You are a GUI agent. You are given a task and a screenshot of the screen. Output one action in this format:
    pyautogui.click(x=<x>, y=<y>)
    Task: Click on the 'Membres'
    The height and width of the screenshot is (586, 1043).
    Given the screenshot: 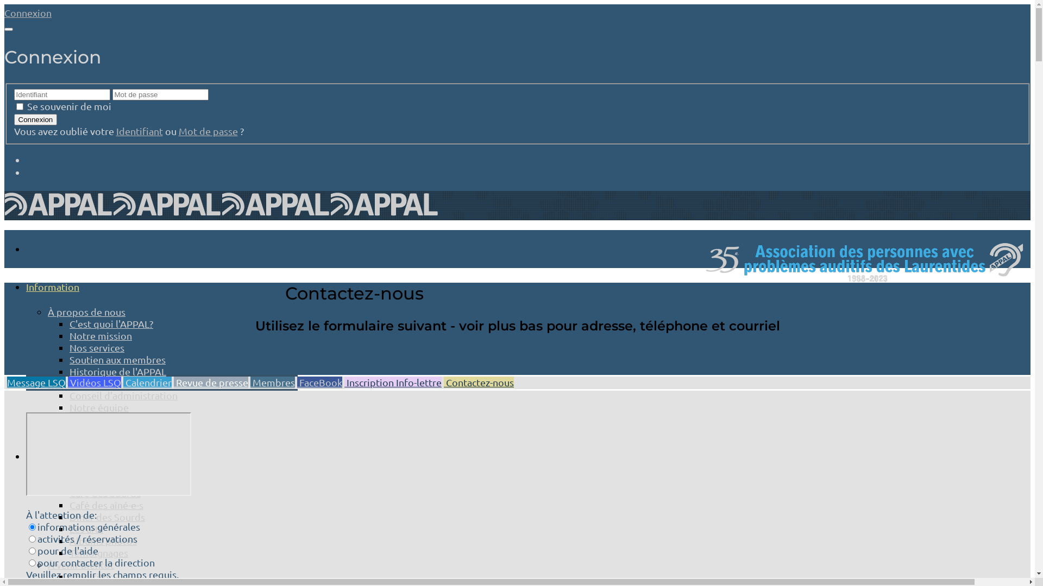 What is the action you would take?
    pyautogui.click(x=273, y=381)
    